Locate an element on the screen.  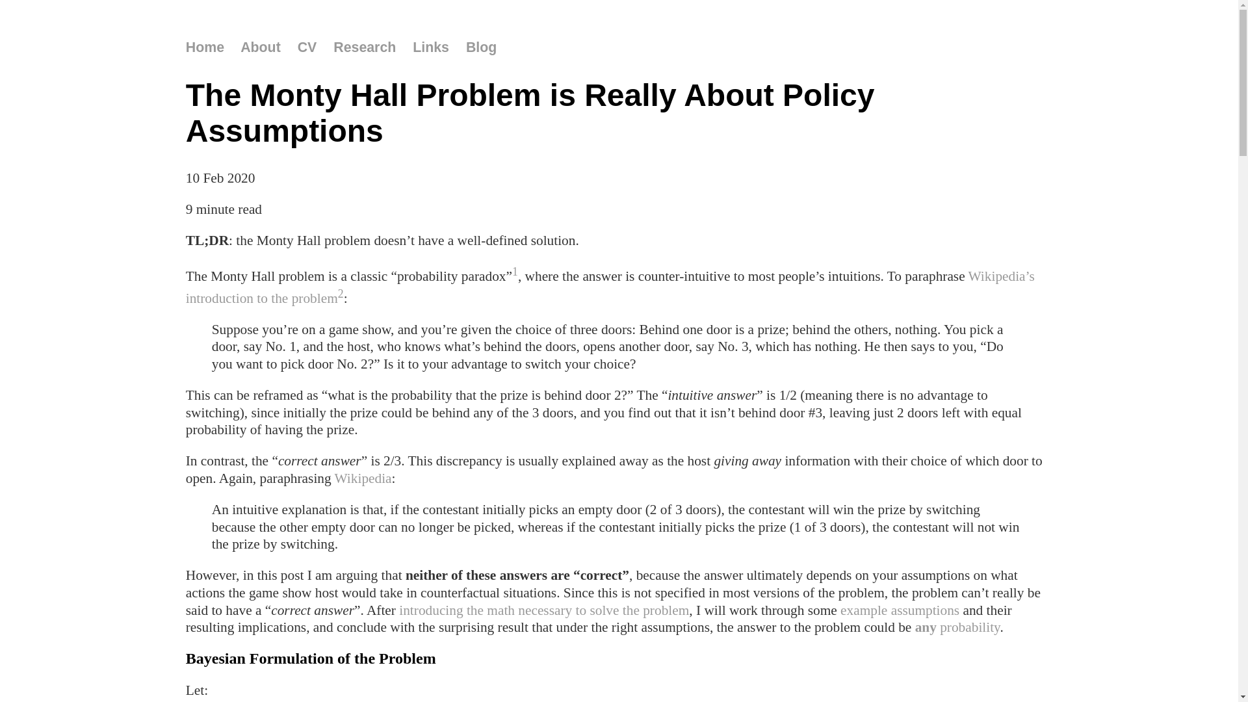
'Links' is located at coordinates (430, 47).